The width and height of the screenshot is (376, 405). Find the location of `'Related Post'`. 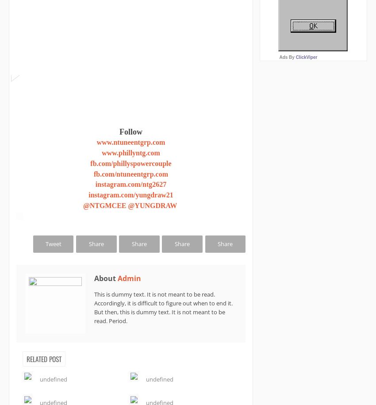

'Related Post' is located at coordinates (27, 358).